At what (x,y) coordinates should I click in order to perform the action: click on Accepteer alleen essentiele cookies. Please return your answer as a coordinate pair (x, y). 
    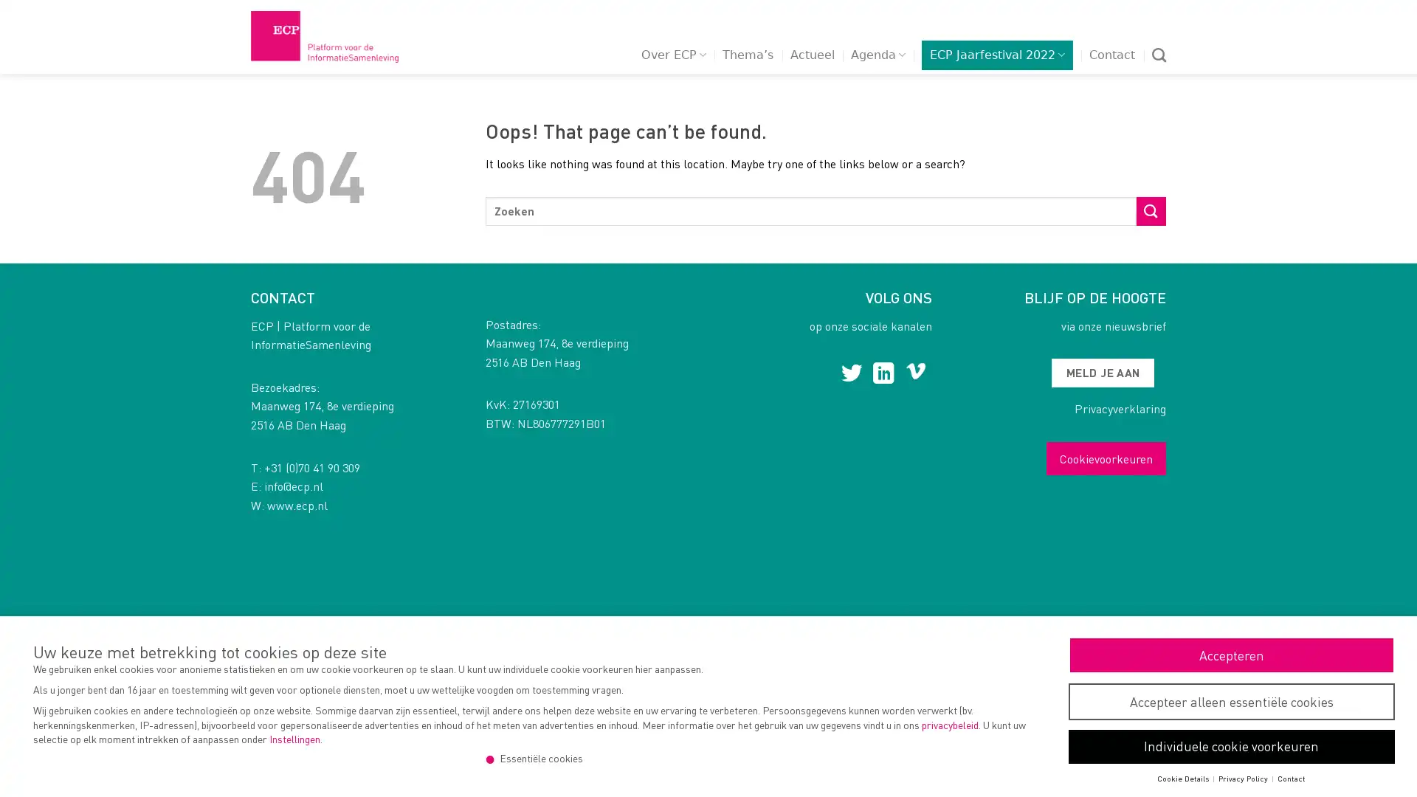
    Looking at the image, I should click on (1231, 701).